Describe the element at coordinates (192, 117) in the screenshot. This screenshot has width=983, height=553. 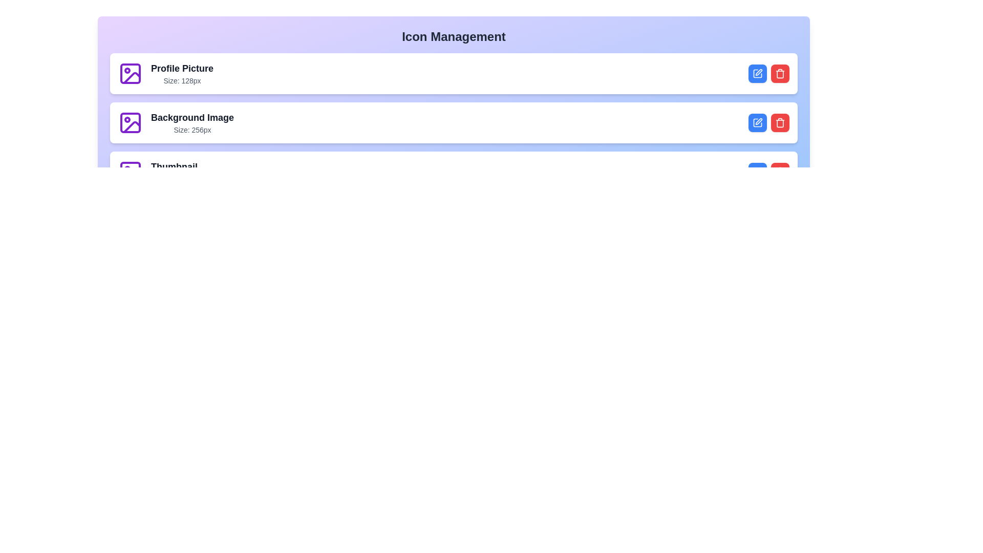
I see `text of the bold label that says 'Background Image', which is located in the second list item's content area under the 'Icon Management' header` at that location.